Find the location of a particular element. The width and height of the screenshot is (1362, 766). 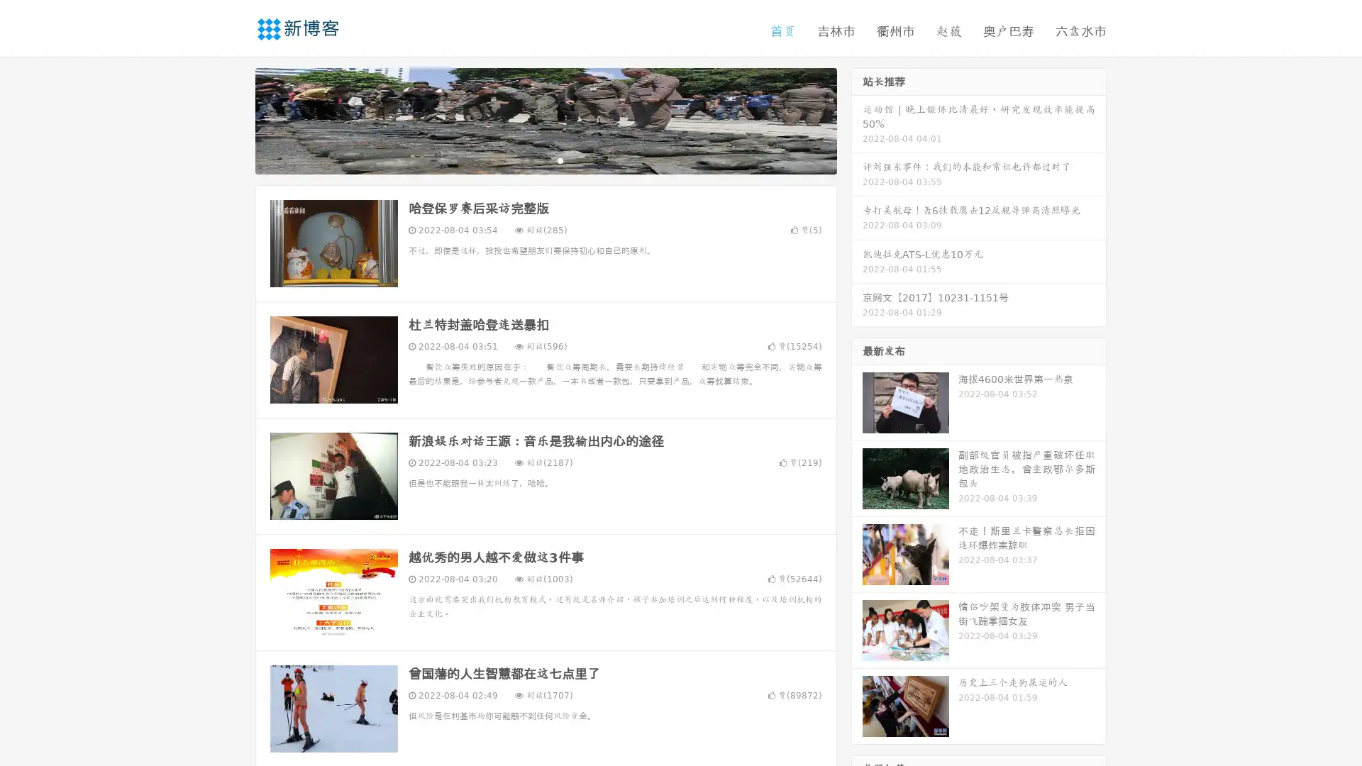

Next slide is located at coordinates (857, 119).